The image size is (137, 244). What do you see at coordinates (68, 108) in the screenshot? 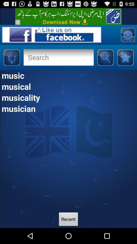
I see `item below musicality item` at bounding box center [68, 108].